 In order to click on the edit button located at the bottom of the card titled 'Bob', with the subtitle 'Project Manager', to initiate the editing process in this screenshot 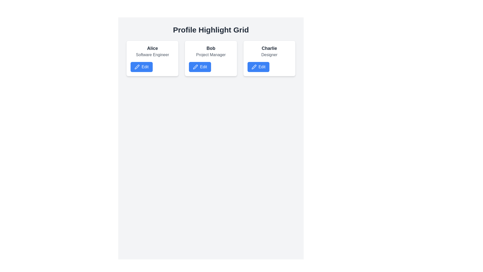, I will do `click(200, 67)`.